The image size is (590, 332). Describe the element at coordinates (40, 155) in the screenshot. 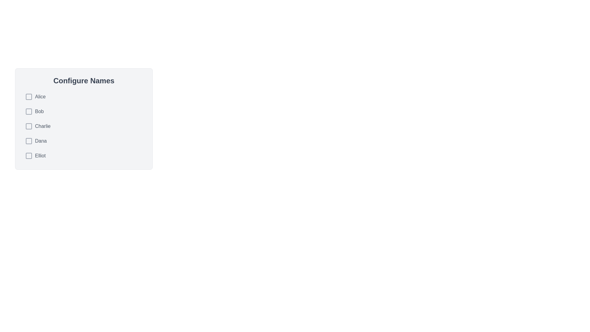

I see `the text label displaying 'Elliot' which is the fifth item in the 'Configure Names' list, located below 'Dana'` at that location.